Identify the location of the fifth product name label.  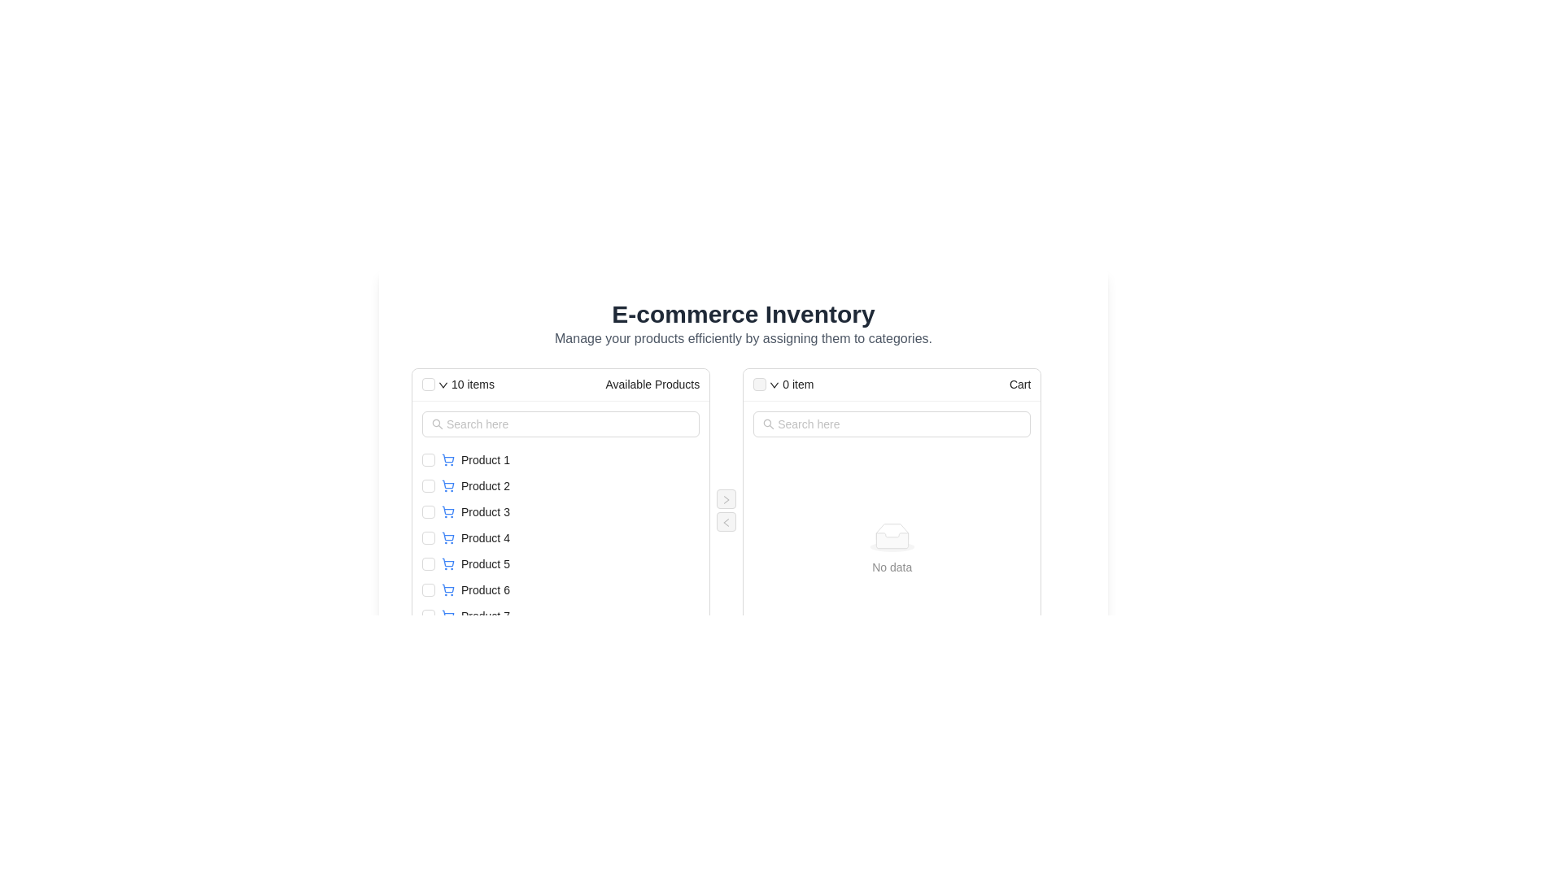
(484, 563).